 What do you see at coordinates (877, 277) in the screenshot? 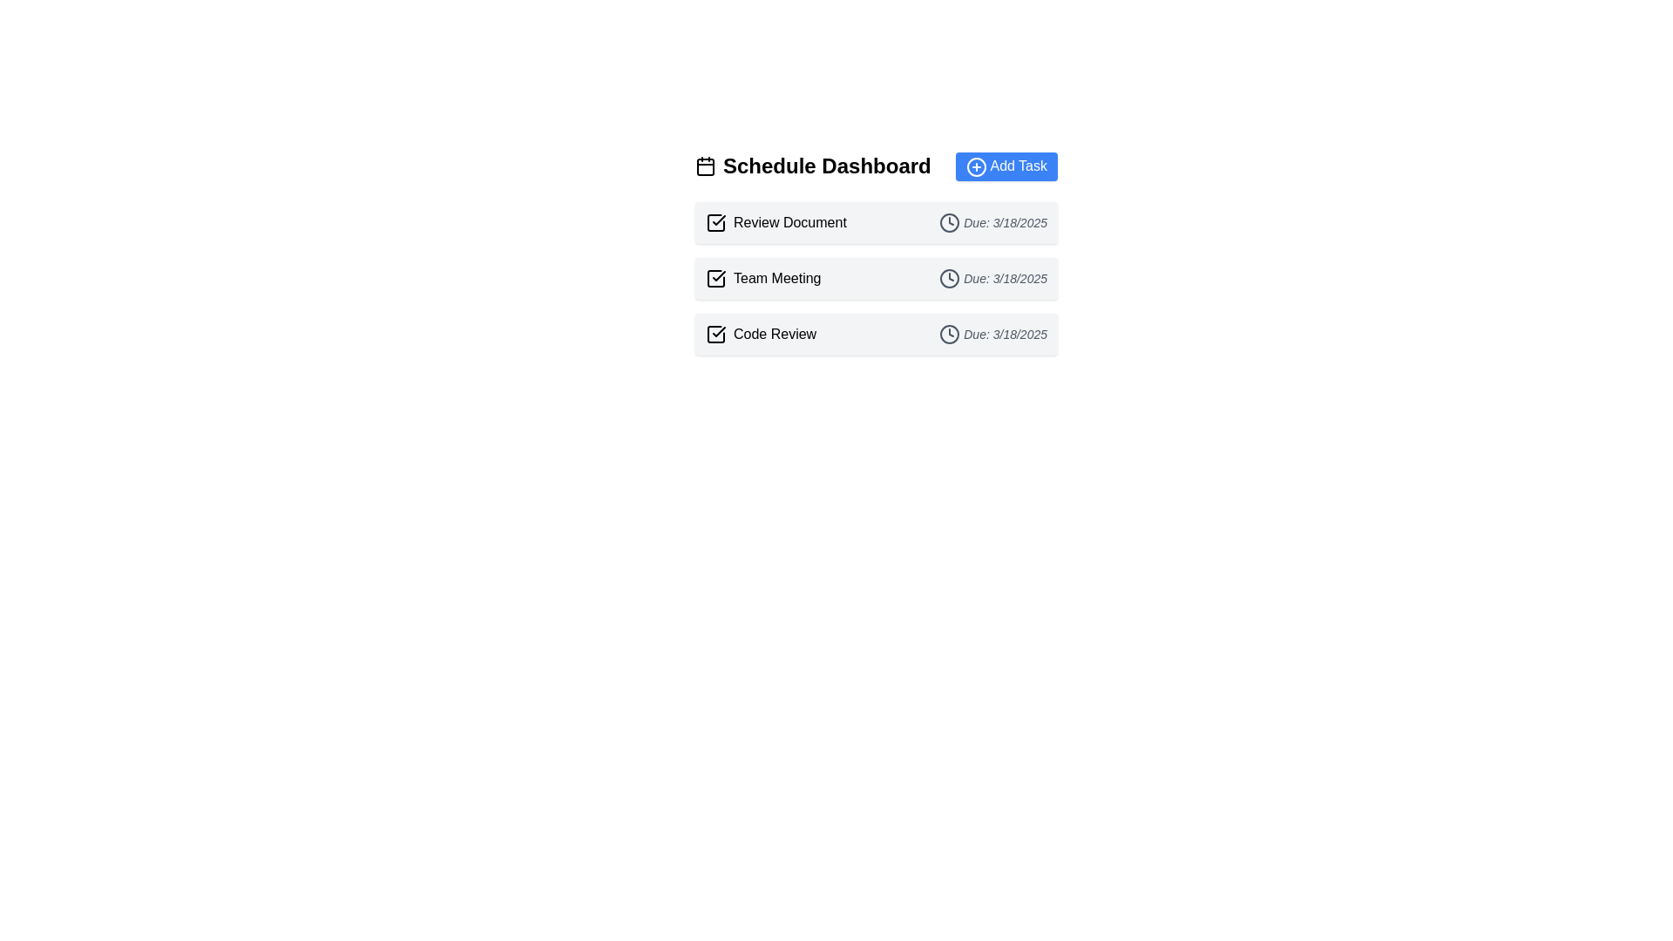
I see `the checkbox of the 'Team Meeting' scheduled for 3/18/2025 to mark the task as completed` at bounding box center [877, 277].